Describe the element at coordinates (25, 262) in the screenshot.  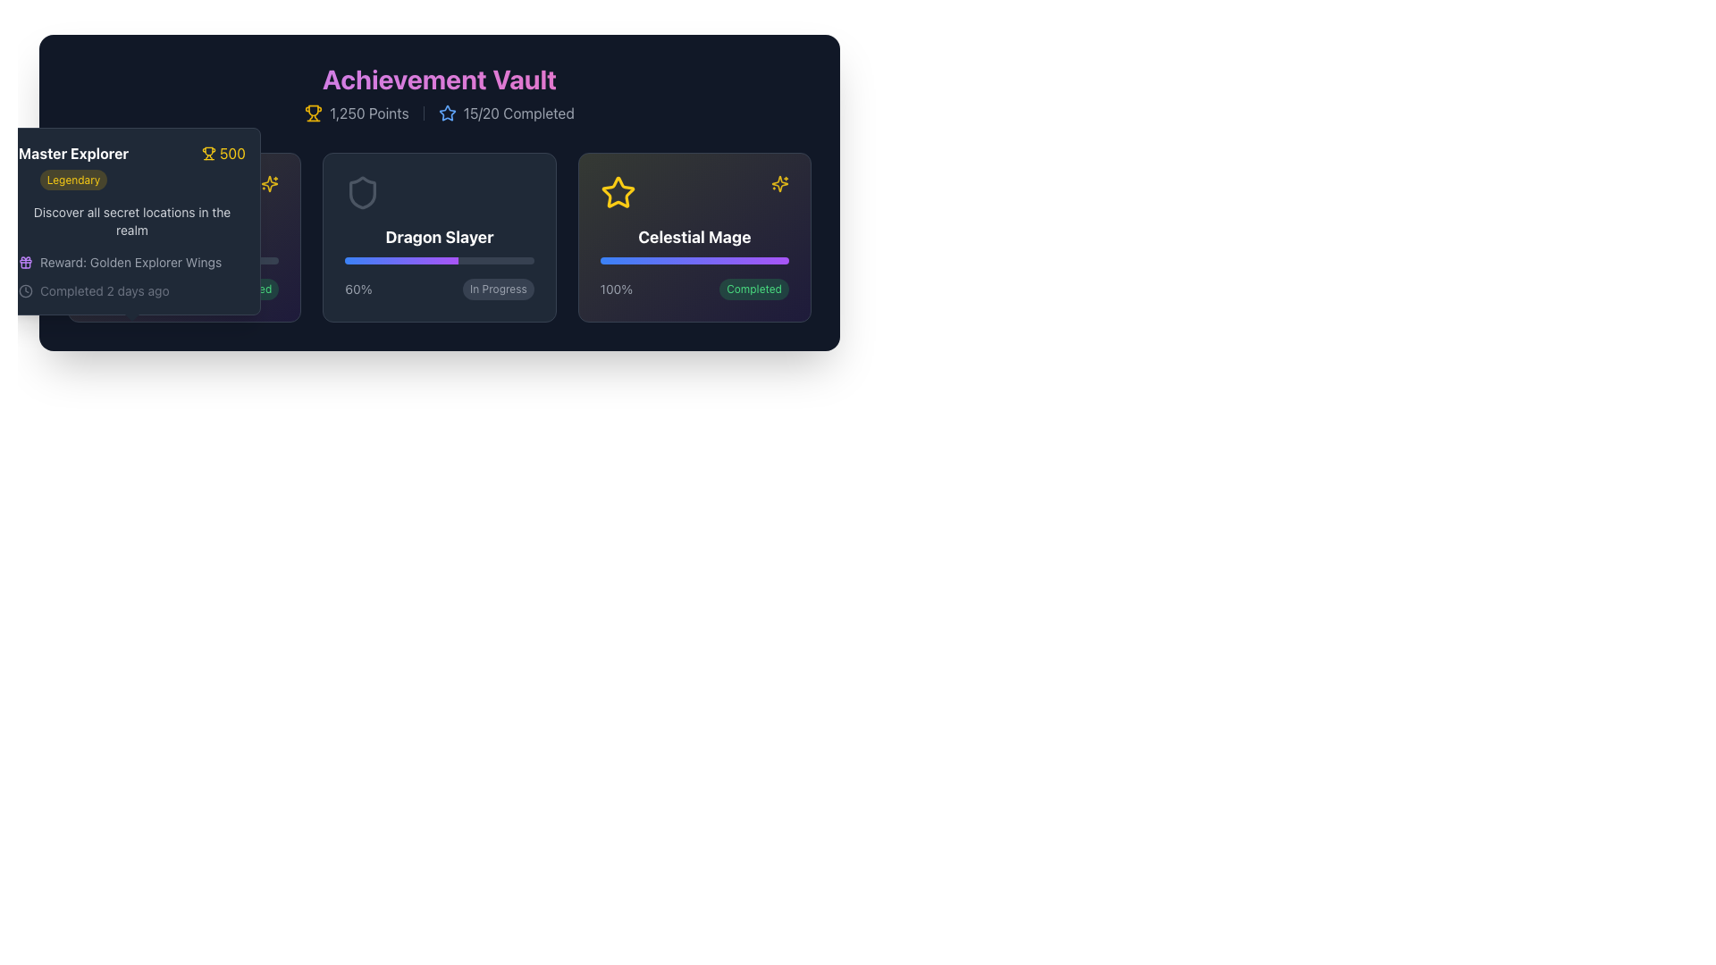
I see `the visual indicator icon representing the 'Golden Explorer Wings', located to the left of the text 'Reward: Golden Explorer Wings' in the 'Master Explorer' section` at that location.